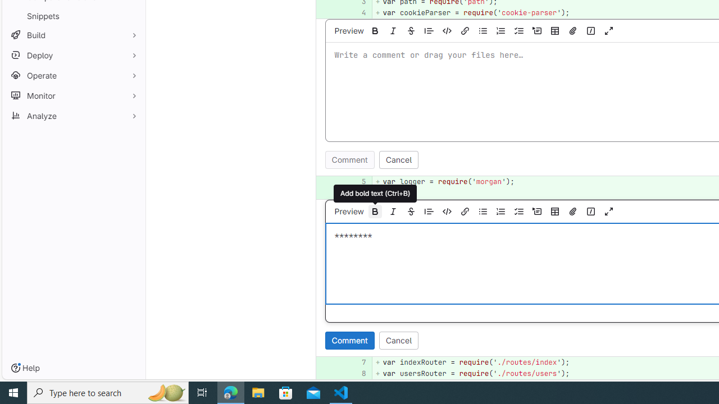 The image size is (719, 404). What do you see at coordinates (73, 55) in the screenshot?
I see `'Deploy'` at bounding box center [73, 55].